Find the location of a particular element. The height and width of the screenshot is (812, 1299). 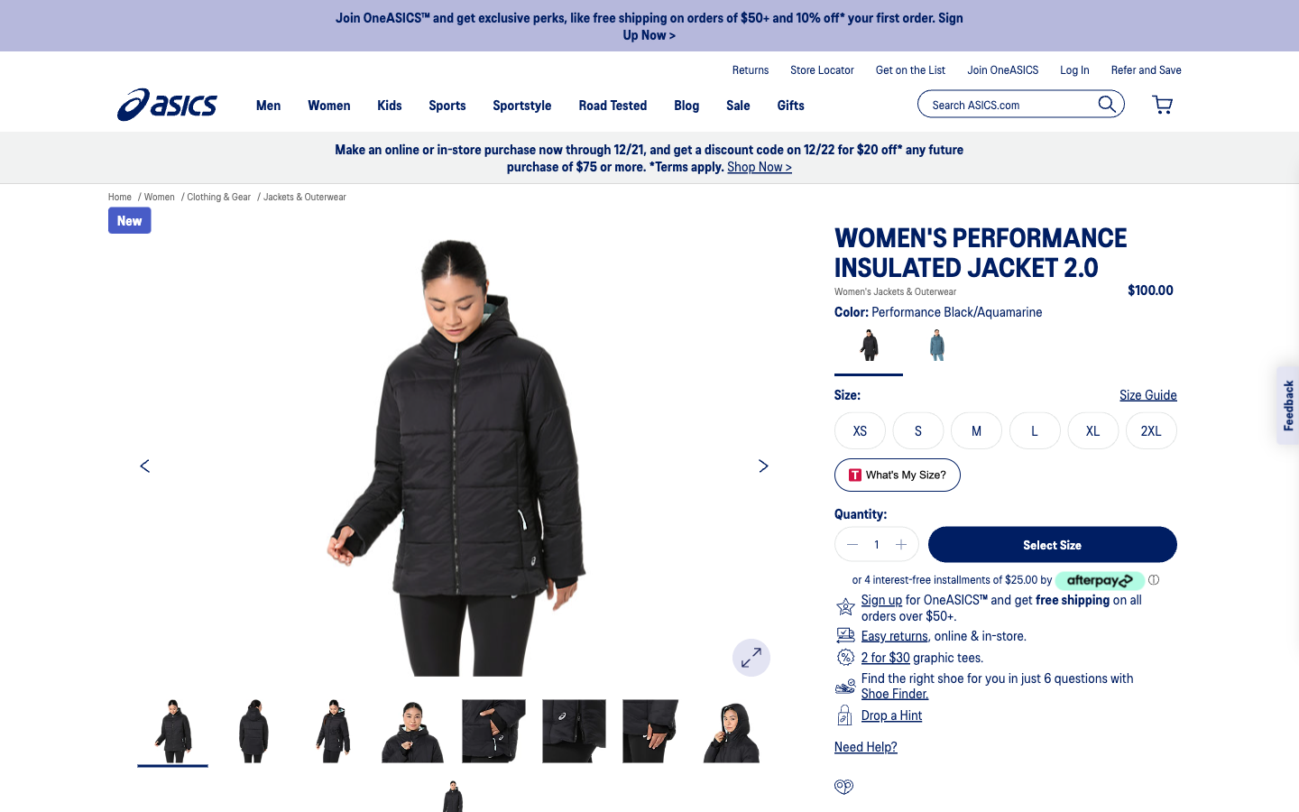

enlarge the image to see the clothes in detail is located at coordinates (751, 657).